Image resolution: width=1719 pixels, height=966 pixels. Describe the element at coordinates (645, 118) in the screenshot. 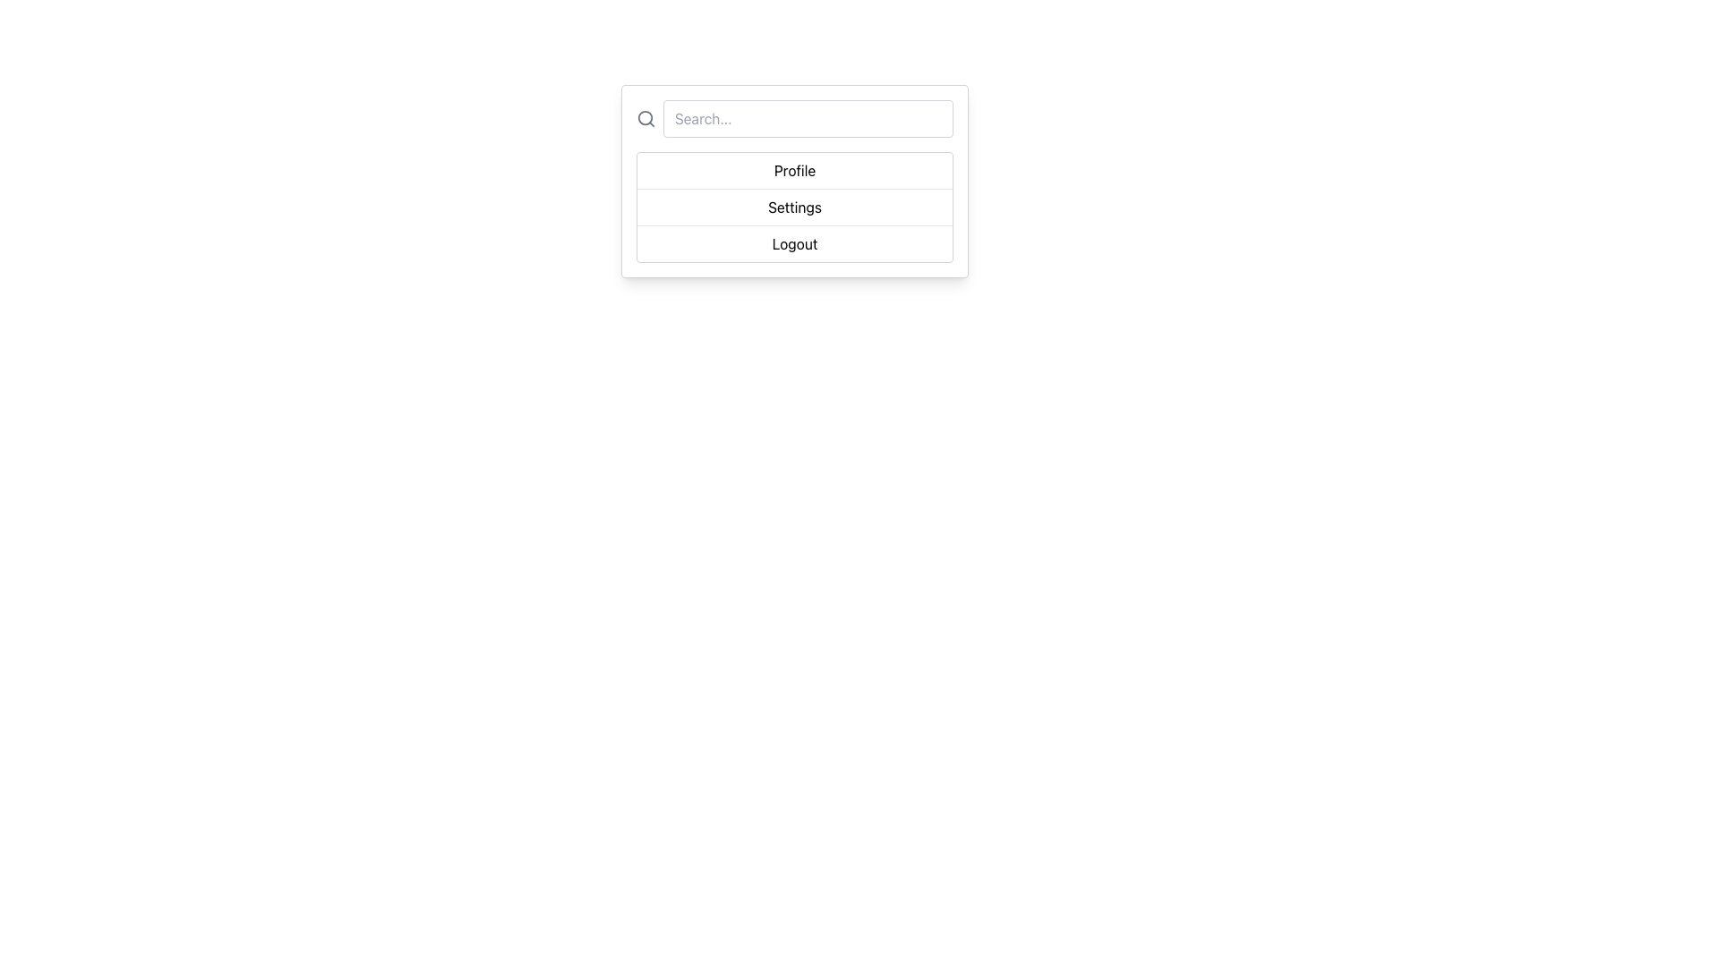

I see `the small circular shape that is part of the magnifying glass icon used for search functionality, located to the left of the search input box` at that location.